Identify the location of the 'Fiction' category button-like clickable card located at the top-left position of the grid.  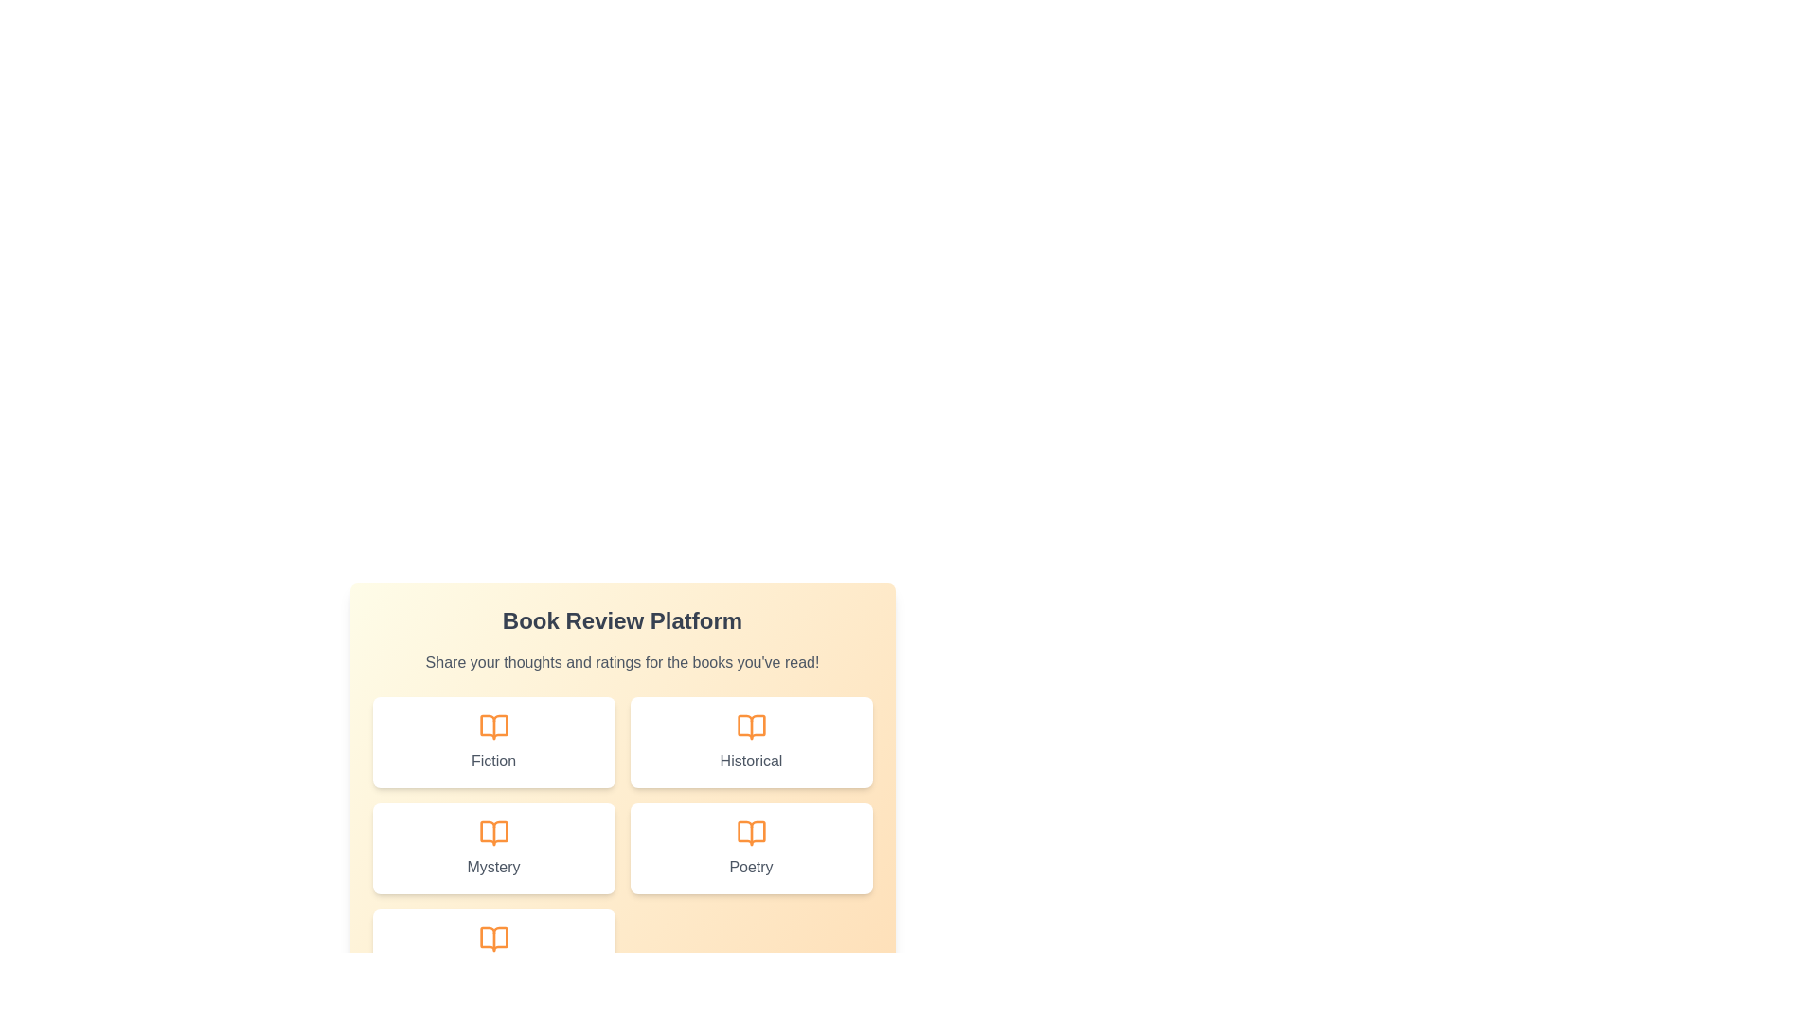
(493, 741).